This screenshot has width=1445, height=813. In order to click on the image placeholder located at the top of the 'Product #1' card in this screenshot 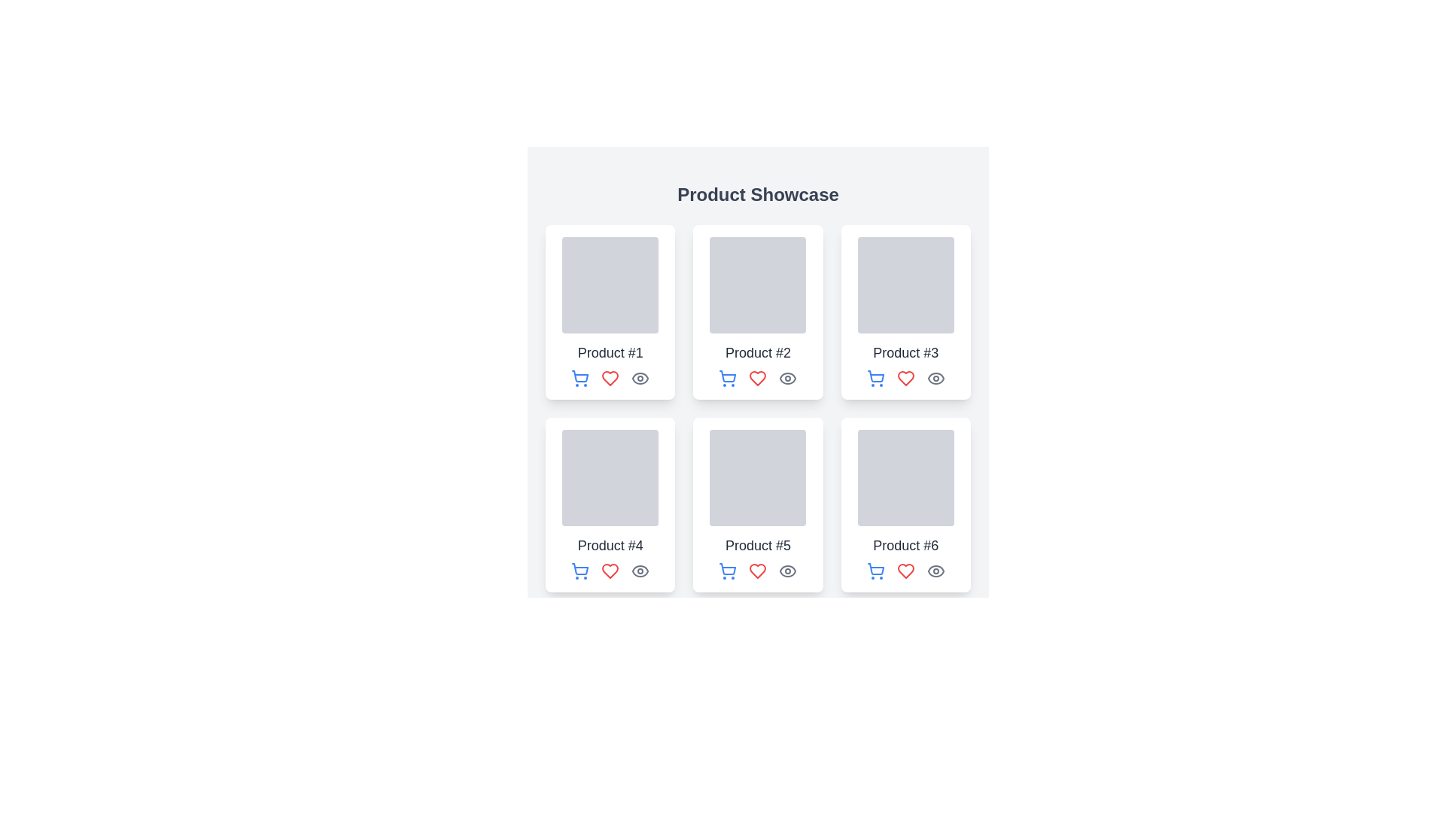, I will do `click(610, 285)`.